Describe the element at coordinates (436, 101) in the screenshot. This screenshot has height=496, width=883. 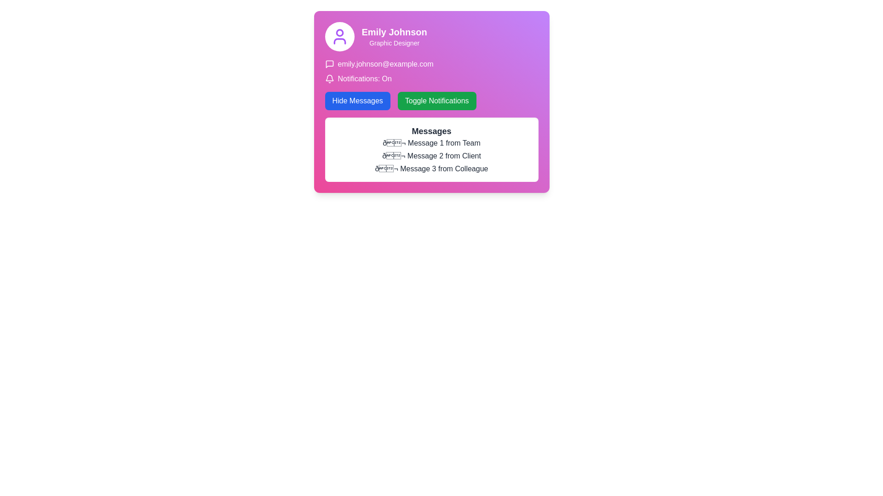
I see `the notification toggle button to change its state between enabled and disabled` at that location.